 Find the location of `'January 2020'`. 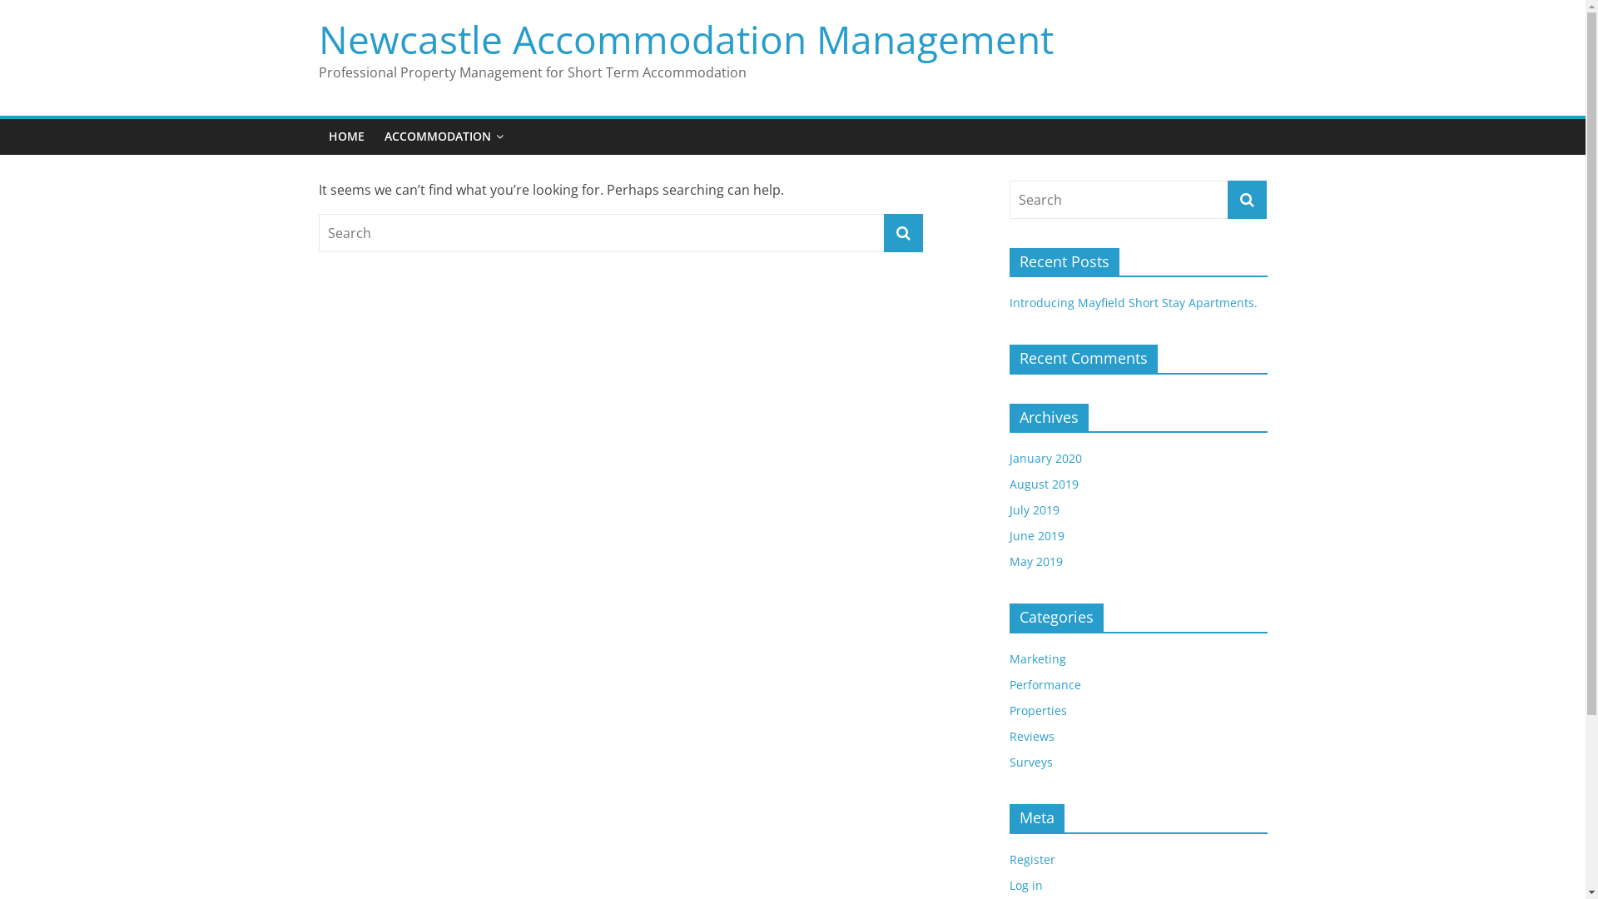

'January 2020' is located at coordinates (1044, 458).